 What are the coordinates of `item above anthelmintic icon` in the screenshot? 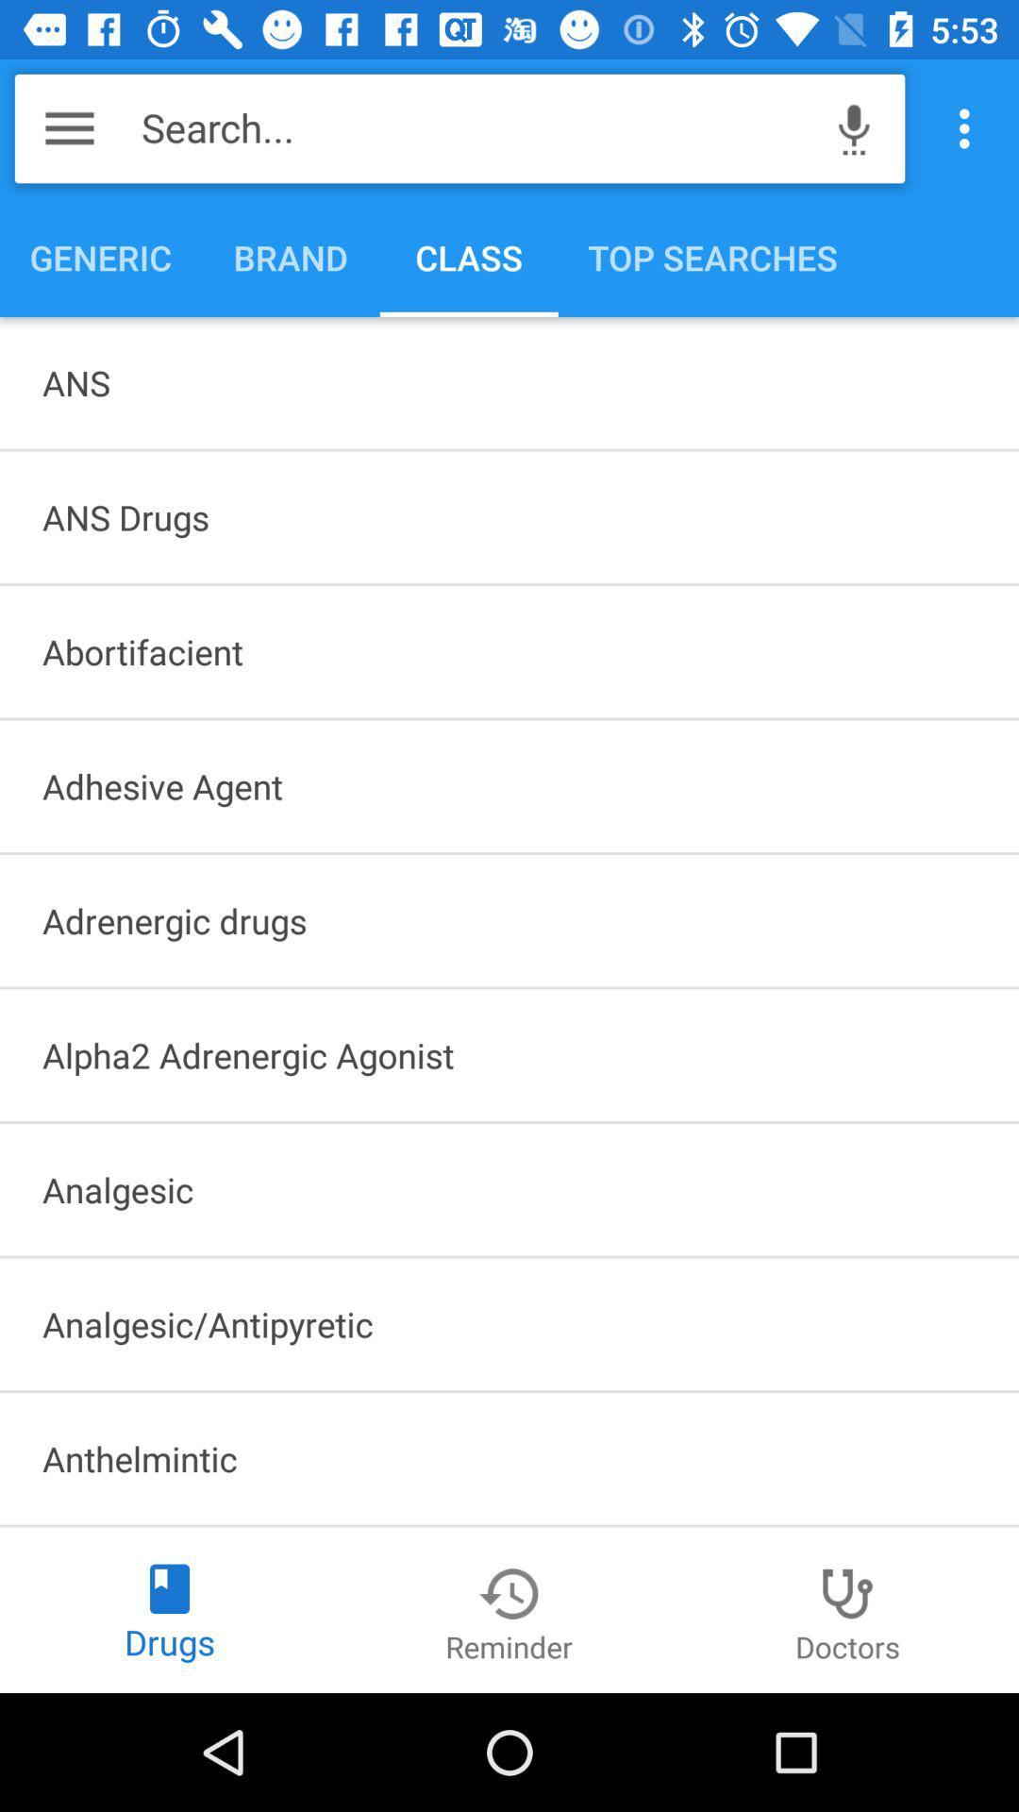 It's located at (509, 1323).